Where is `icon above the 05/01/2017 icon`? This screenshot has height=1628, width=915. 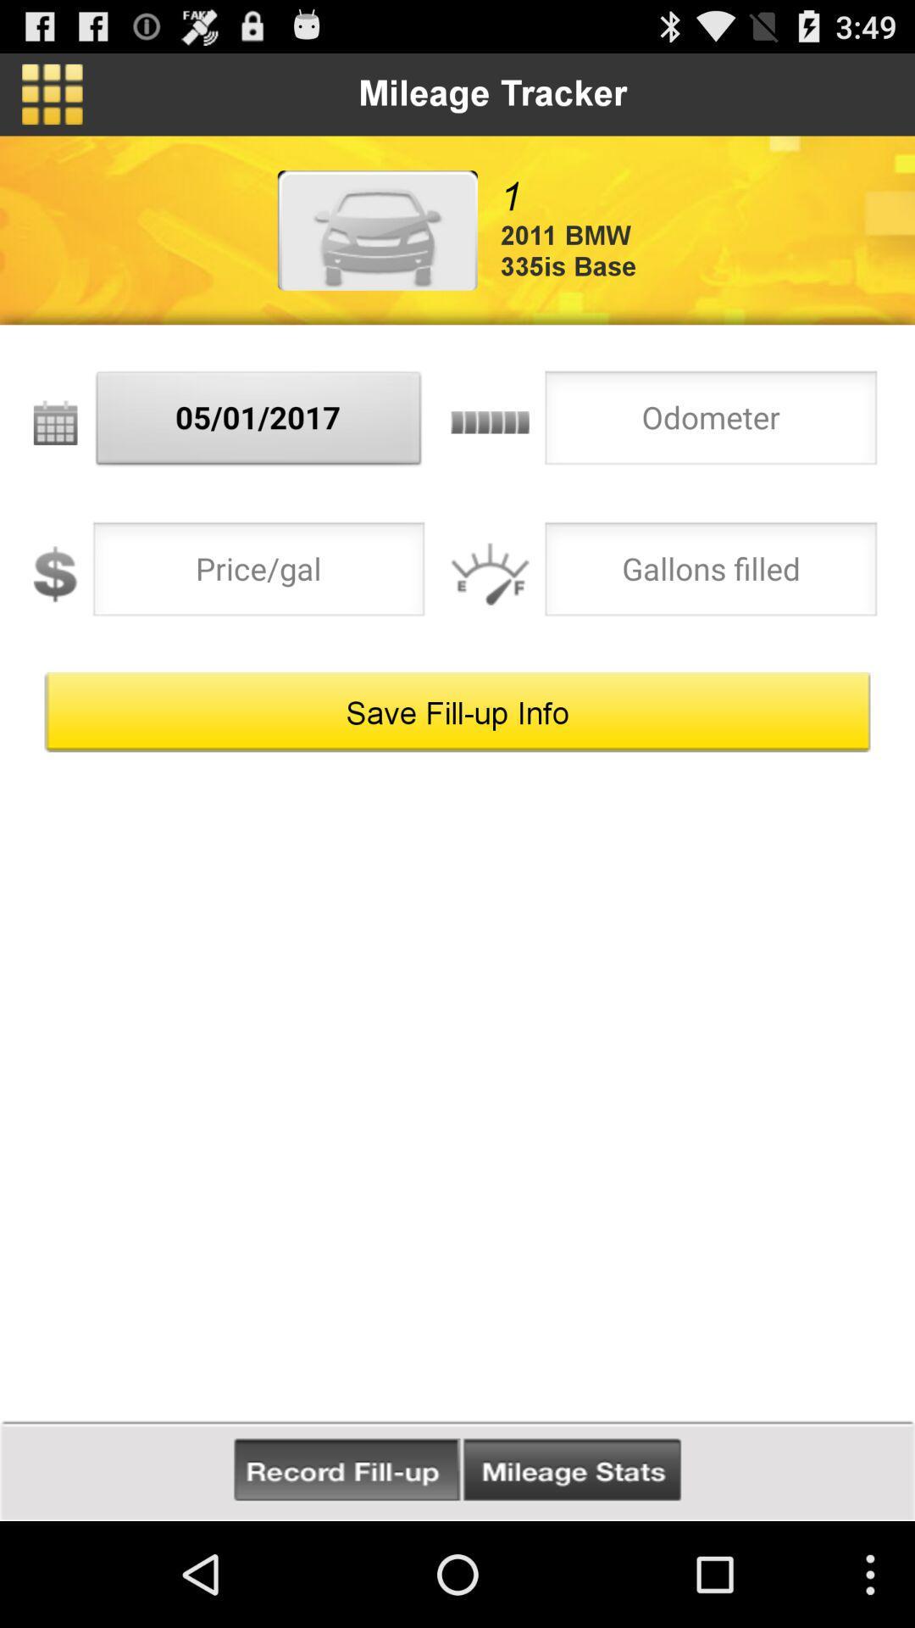
icon above the 05/01/2017 icon is located at coordinates (51, 93).